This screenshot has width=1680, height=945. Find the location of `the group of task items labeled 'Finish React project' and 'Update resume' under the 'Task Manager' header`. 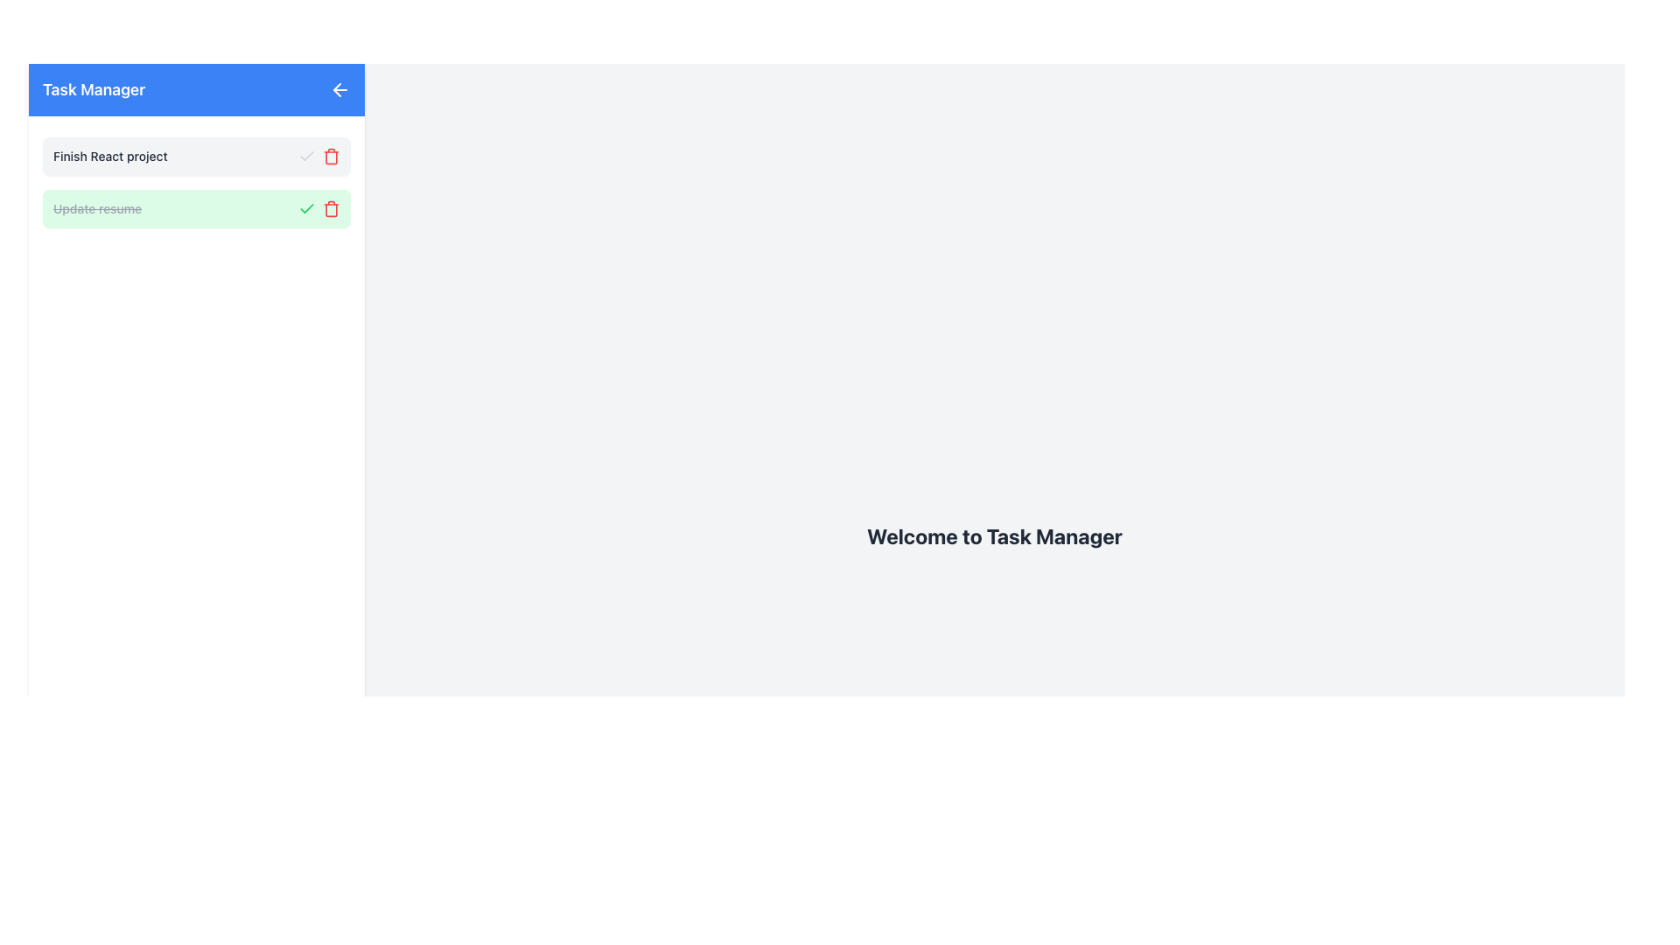

the group of task items labeled 'Finish React project' and 'Update resume' under the 'Task Manager' header is located at coordinates (197, 182).